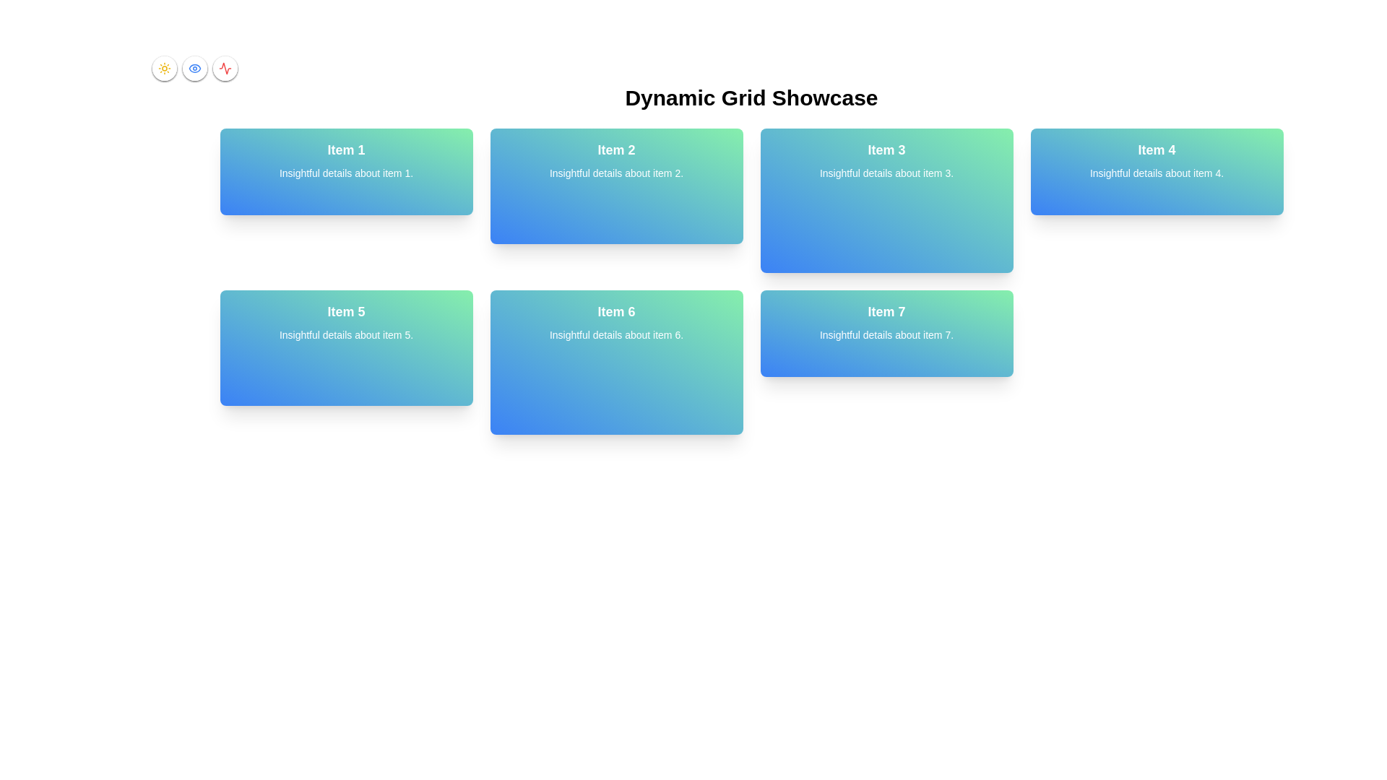 The image size is (1387, 780). What do you see at coordinates (225, 69) in the screenshot?
I see `the activity-related icon, which is the second button in a row of three located in the middle of a circular button group near the top-left corner of the interface` at bounding box center [225, 69].